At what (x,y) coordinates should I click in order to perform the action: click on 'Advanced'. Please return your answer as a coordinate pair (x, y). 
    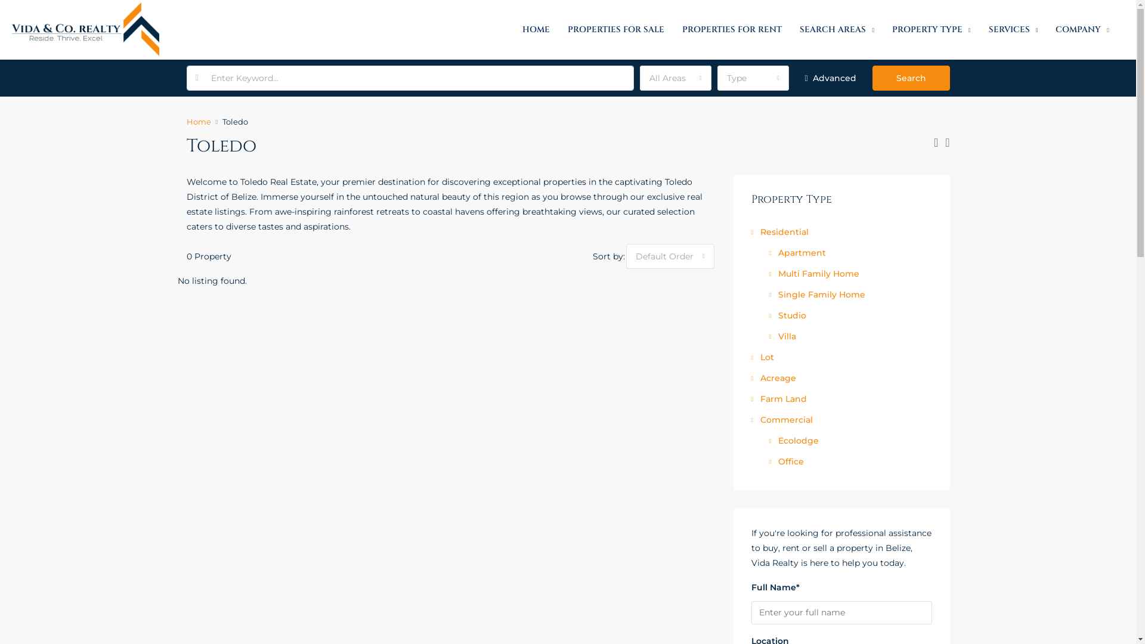
    Looking at the image, I should click on (830, 78).